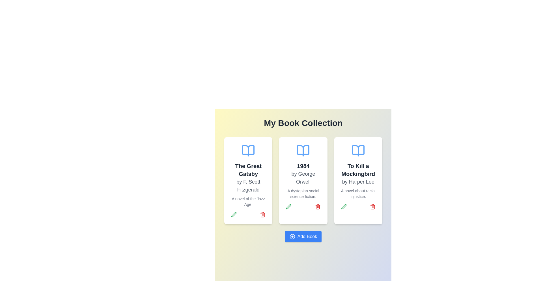 This screenshot has width=543, height=305. Describe the element at coordinates (262, 214) in the screenshot. I see `the delete button located to the right of the green edit pencil icon at the bottom of the card for 'The Great Gatsby' book` at that location.